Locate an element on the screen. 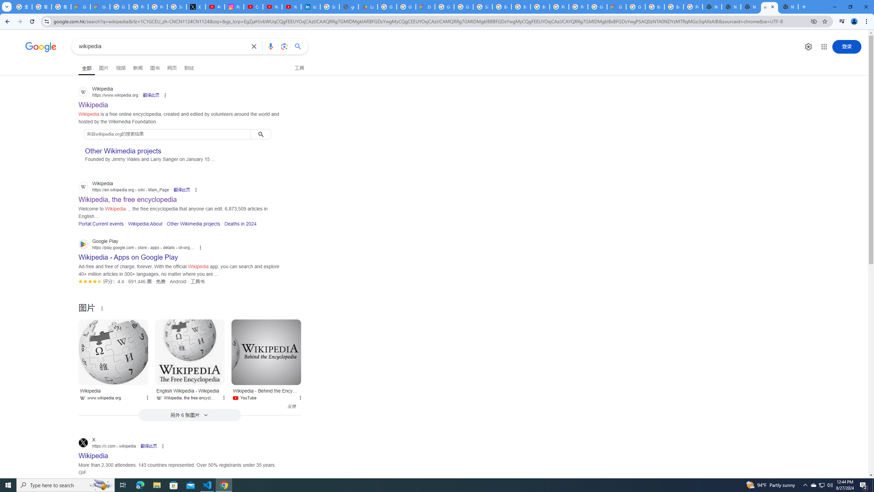 This screenshot has width=874, height=492. 'Google Cloud Platform' is located at coordinates (636, 6).